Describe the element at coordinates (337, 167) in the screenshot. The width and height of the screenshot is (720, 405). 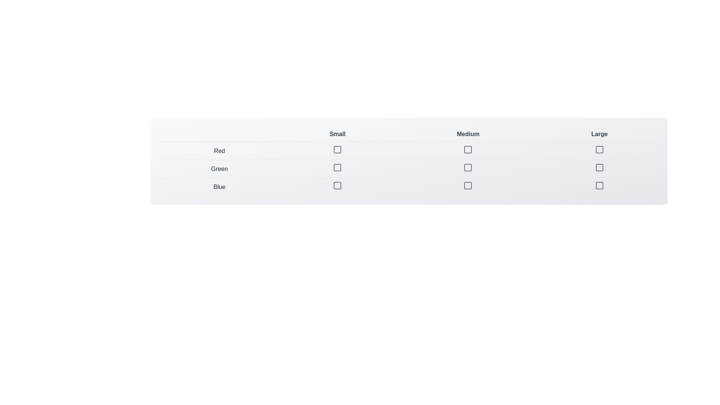
I see `the checkbox` at that location.